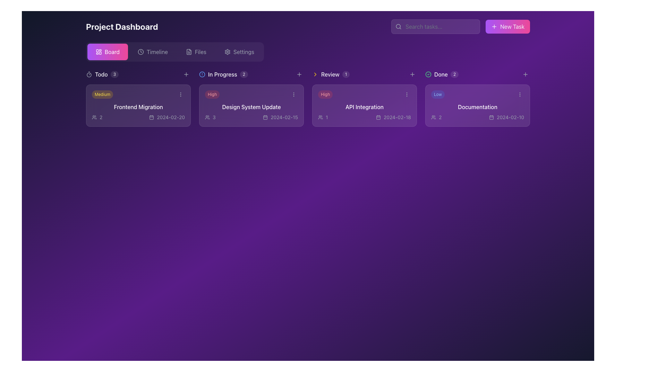 The height and width of the screenshot is (374, 666). I want to click on the 'Timeline' button in the horizontal navigation menu, so click(152, 52).